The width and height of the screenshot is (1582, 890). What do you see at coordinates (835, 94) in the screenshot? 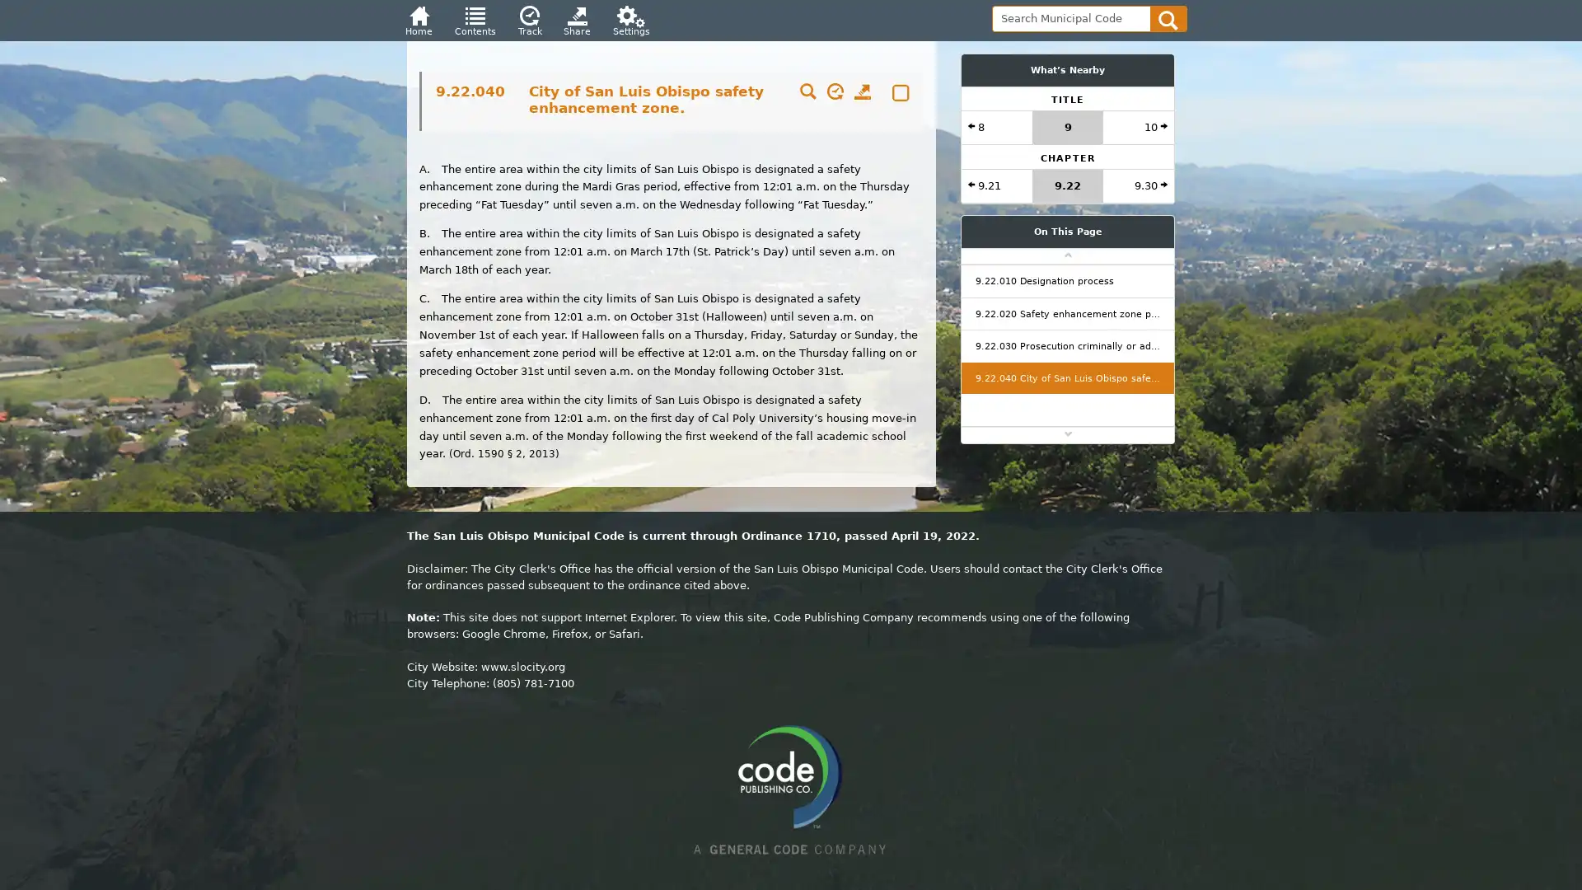
I see `History of This Section` at bounding box center [835, 94].